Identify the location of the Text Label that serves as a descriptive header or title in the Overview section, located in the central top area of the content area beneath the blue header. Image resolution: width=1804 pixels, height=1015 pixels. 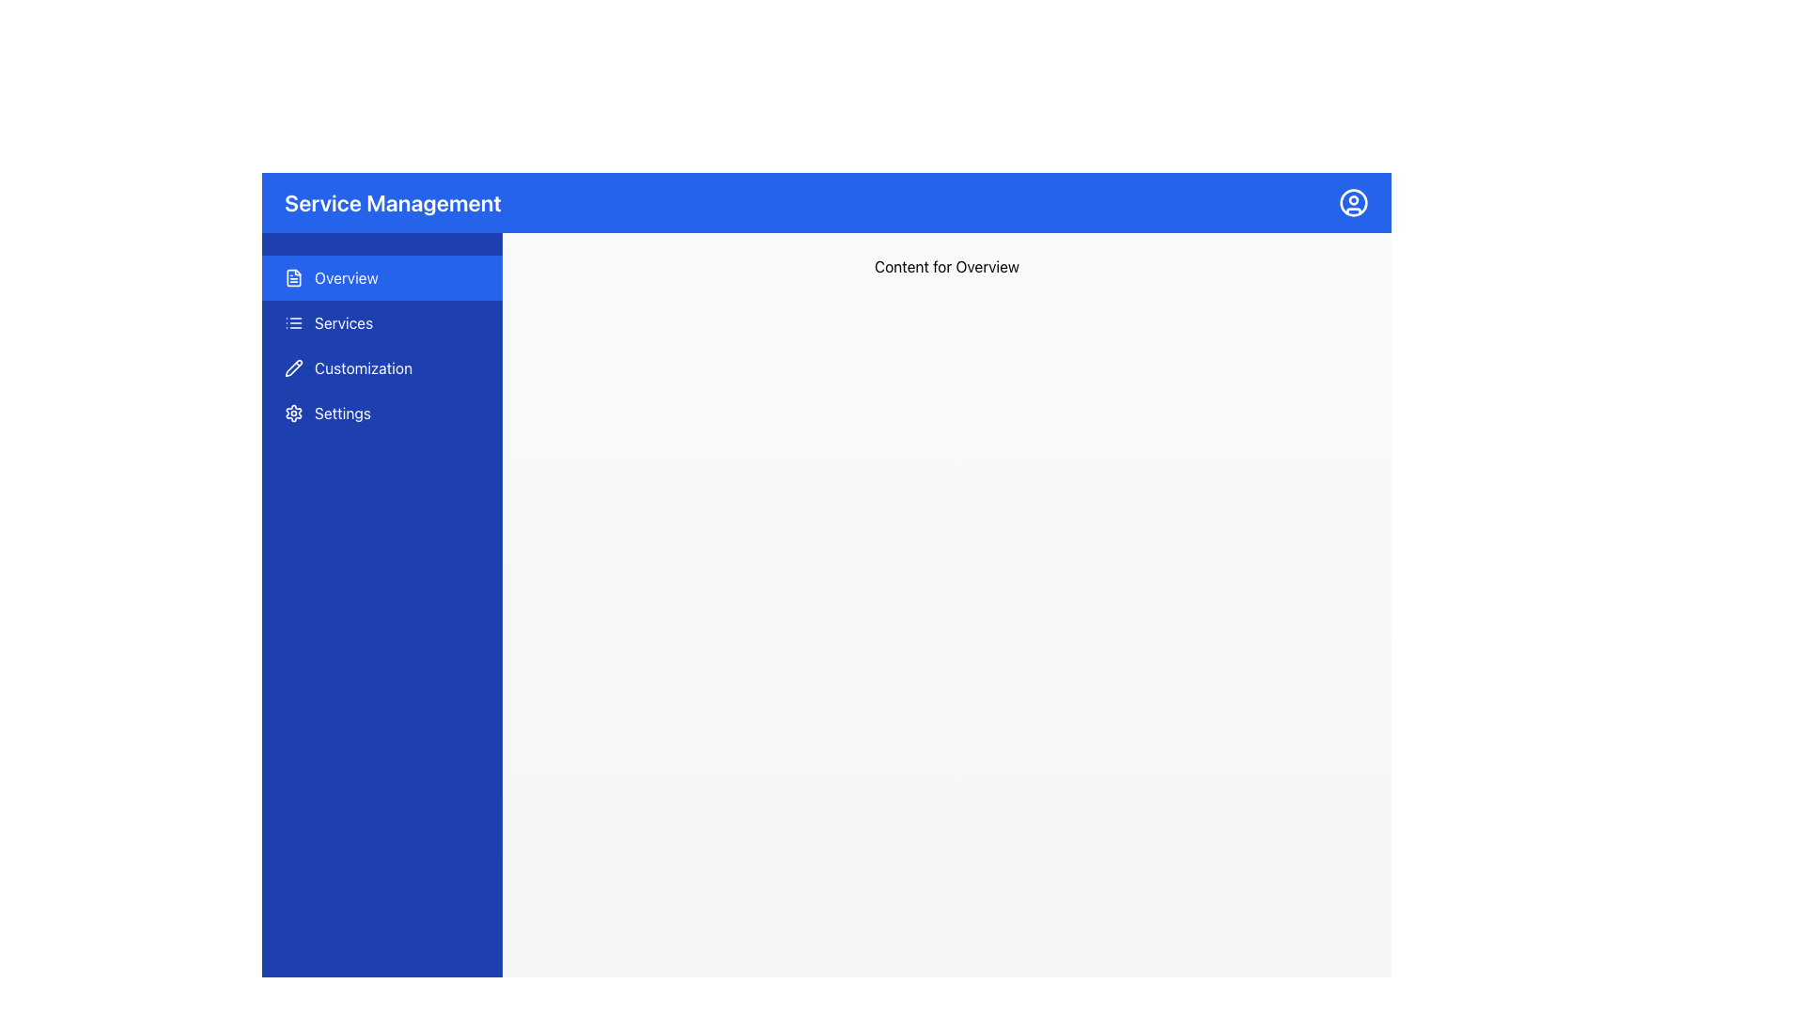
(947, 267).